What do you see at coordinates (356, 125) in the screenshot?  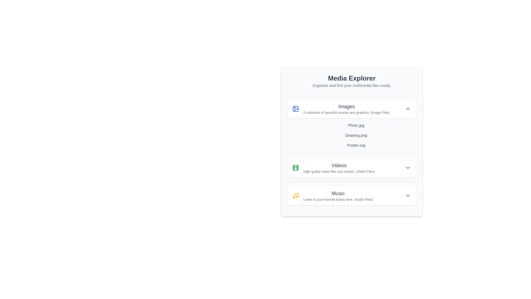 I see `the text label displaying the file name 'Photo.jpg' in the 'Images' category of the Media Explorer` at bounding box center [356, 125].